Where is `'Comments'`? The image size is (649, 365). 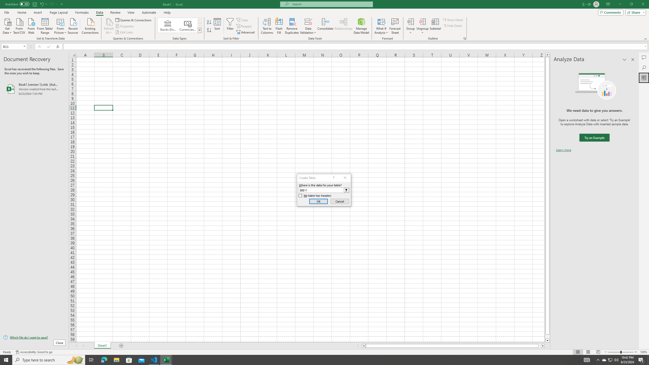
'Comments' is located at coordinates (610, 12).